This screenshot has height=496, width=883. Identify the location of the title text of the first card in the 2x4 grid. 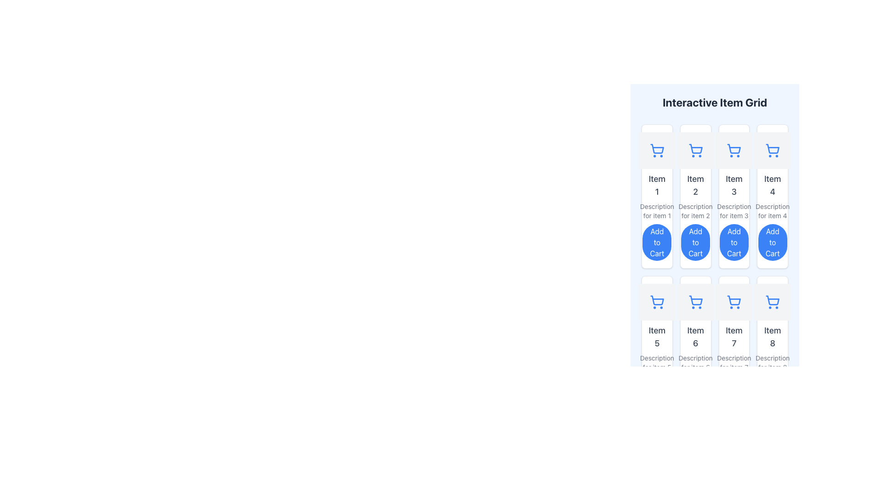
(656, 186).